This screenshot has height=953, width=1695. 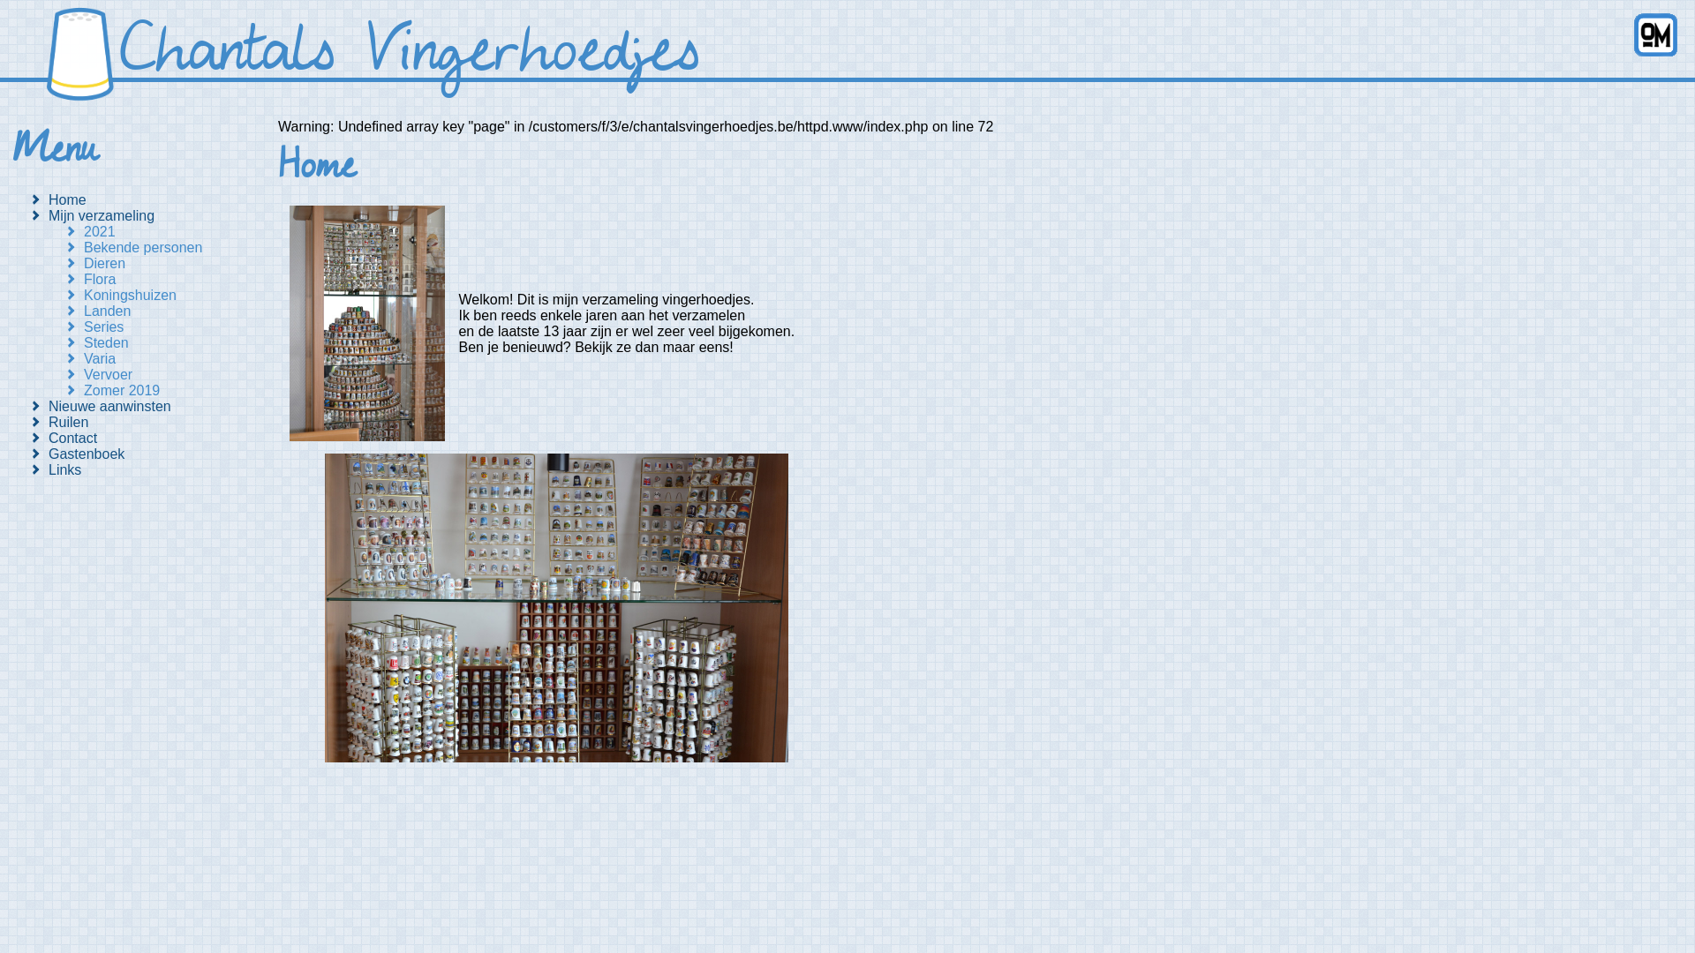 What do you see at coordinates (168, 373) in the screenshot?
I see `'Vervoer'` at bounding box center [168, 373].